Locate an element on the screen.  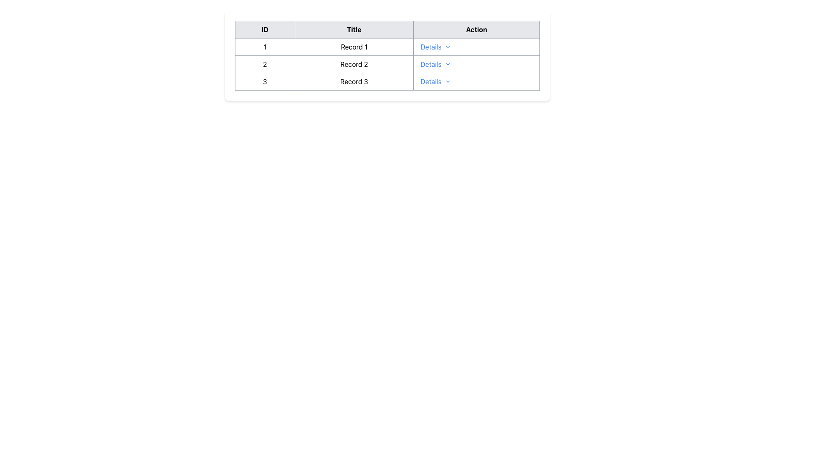
the text label 'Record 3' located in the second cell of the row labeled '3' within the table is located at coordinates (354, 81).